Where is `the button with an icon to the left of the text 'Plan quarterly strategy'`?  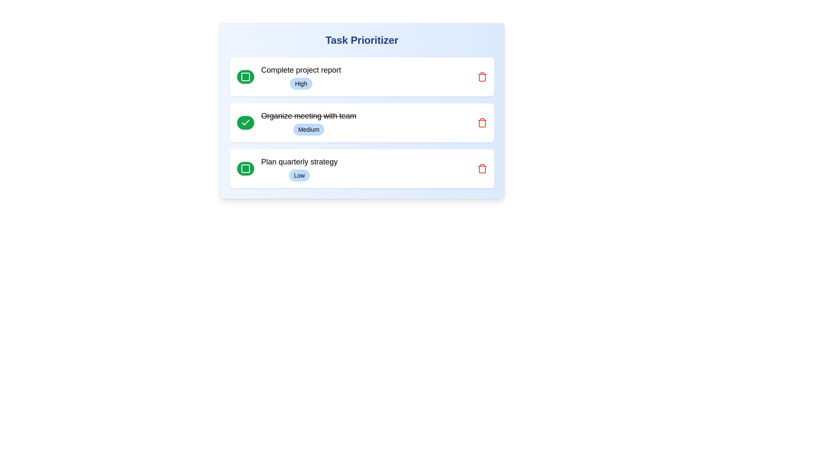
the button with an icon to the left of the text 'Plan quarterly strategy' is located at coordinates (245, 169).